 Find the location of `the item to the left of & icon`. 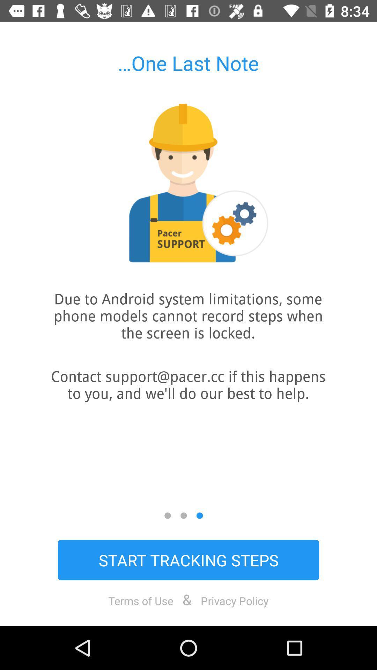

the item to the left of & icon is located at coordinates (141, 600).